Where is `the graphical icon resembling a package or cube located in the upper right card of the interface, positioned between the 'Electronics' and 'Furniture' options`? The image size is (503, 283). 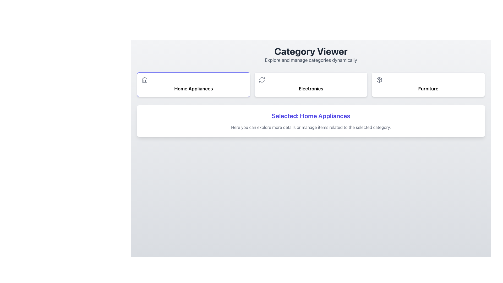
the graphical icon resembling a package or cube located in the upper right card of the interface, positioned between the 'Electronics' and 'Furniture' options is located at coordinates (379, 80).